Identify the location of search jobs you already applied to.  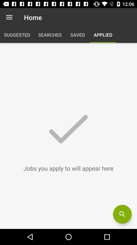
(122, 214).